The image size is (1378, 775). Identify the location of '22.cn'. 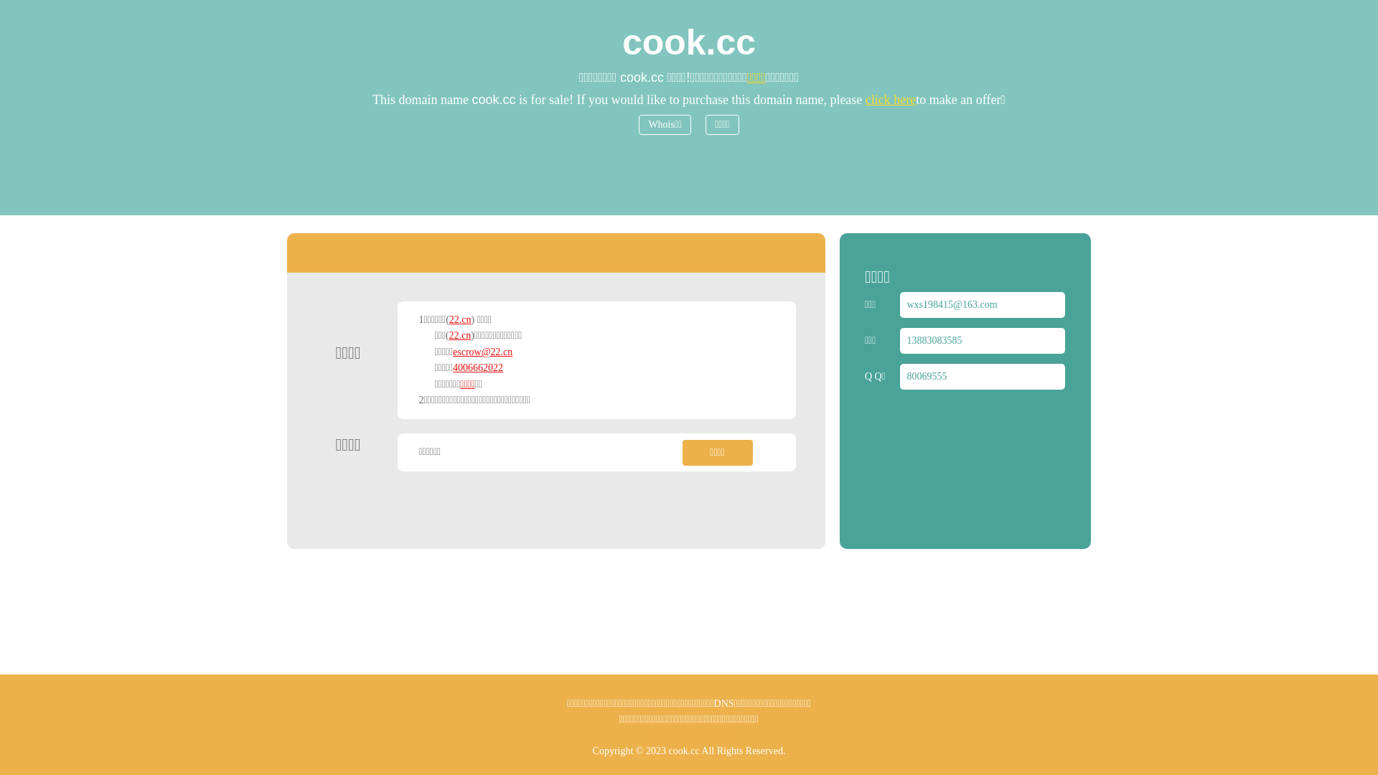
(460, 319).